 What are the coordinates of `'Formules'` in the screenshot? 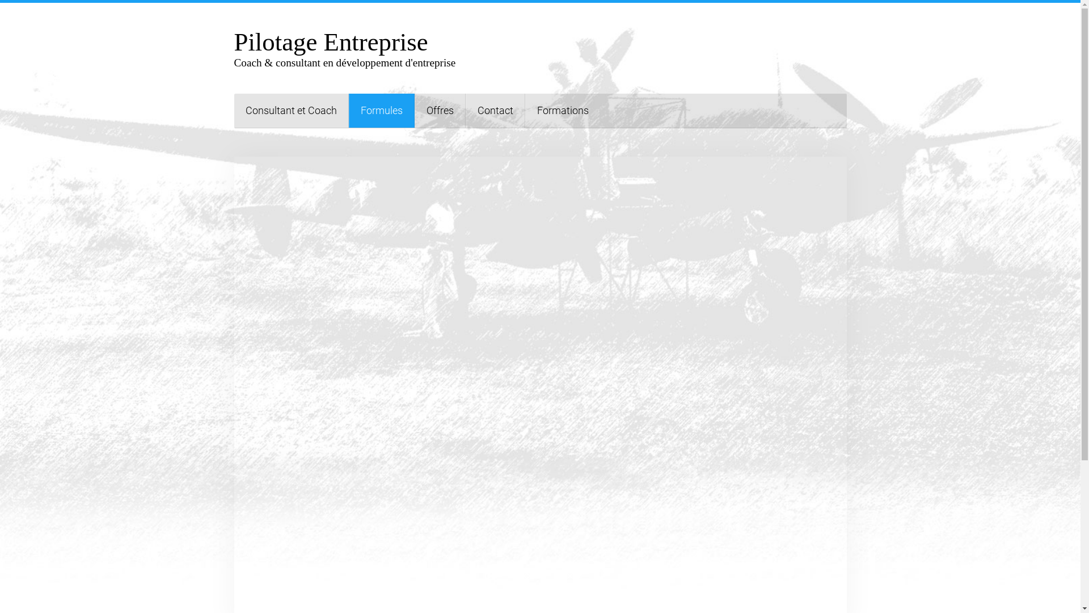 It's located at (381, 111).